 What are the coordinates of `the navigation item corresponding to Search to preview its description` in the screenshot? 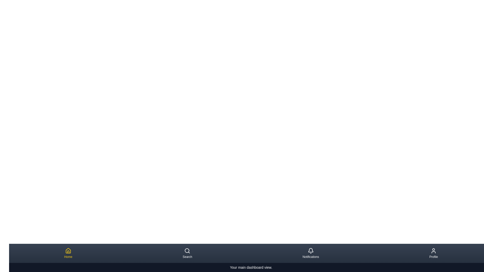 It's located at (187, 253).